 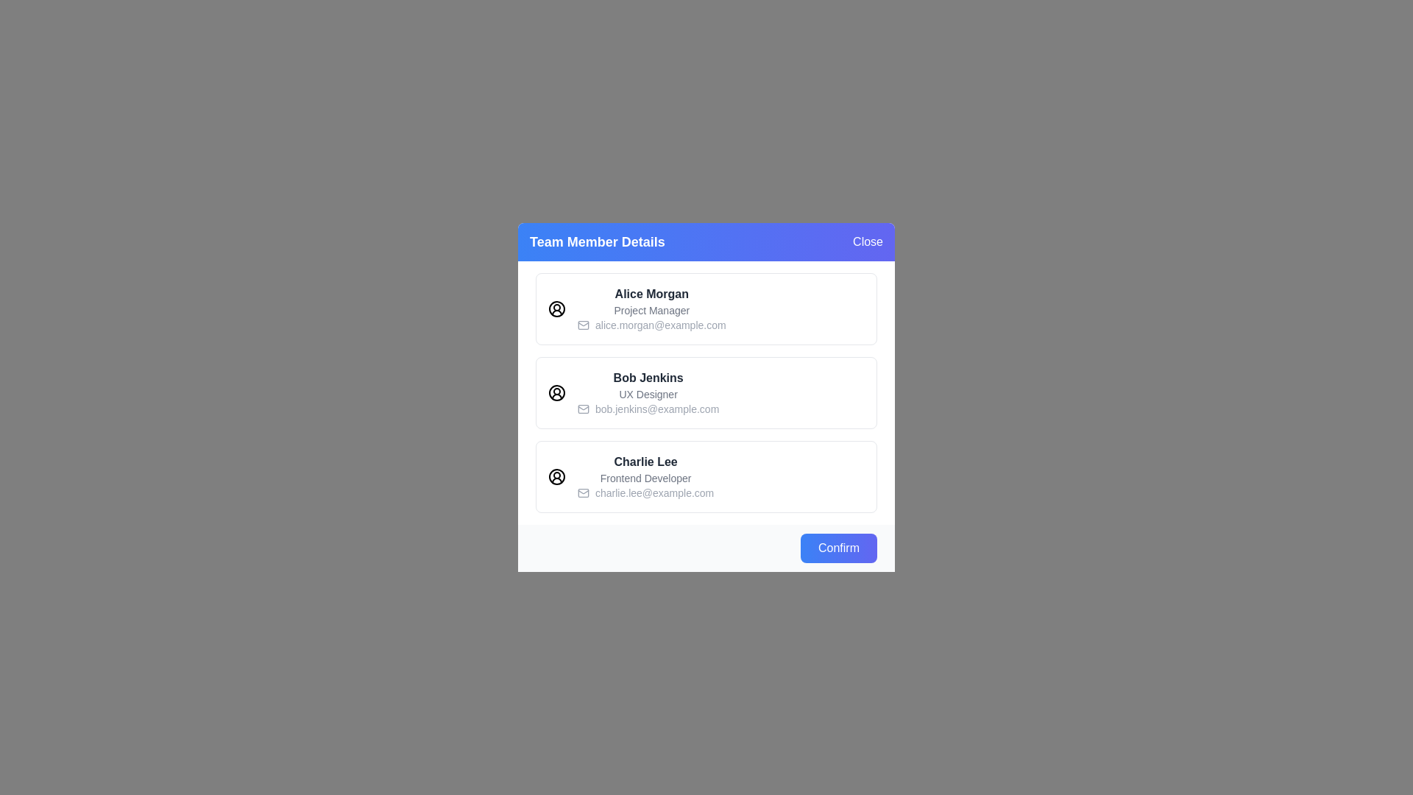 What do you see at coordinates (556, 392) in the screenshot?
I see `the User Profile icon located next to 'Bob Jenkins' in the second user entry of the list` at bounding box center [556, 392].